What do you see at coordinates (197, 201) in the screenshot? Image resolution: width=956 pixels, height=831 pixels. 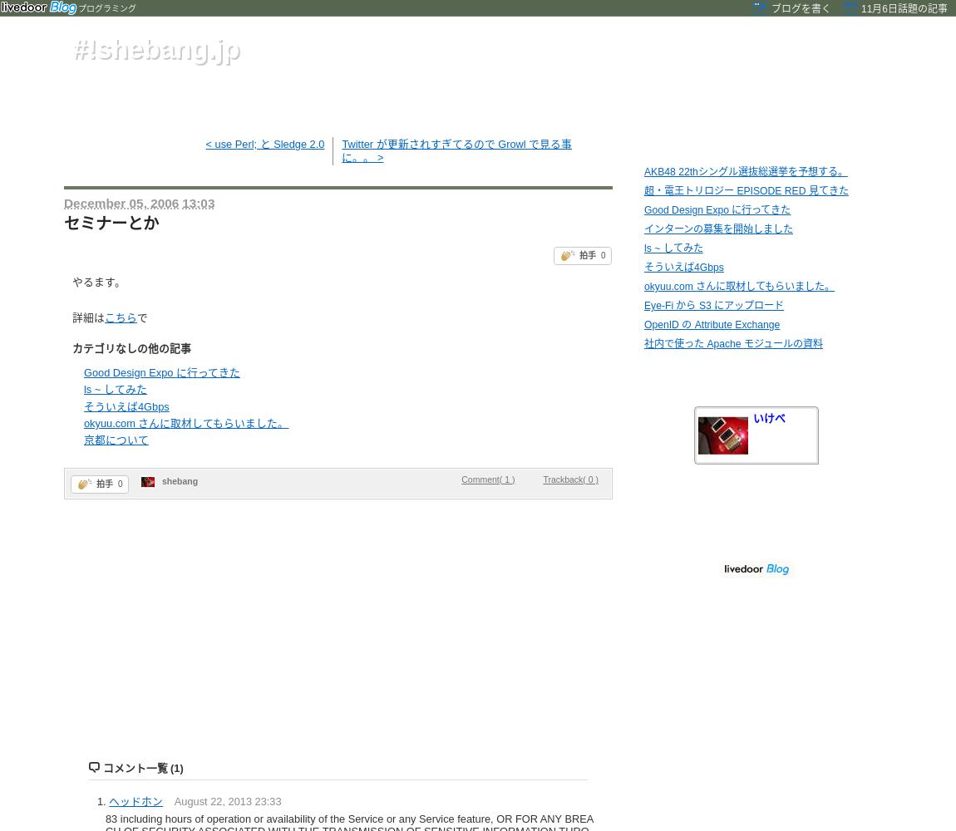 I see `'13:03'` at bounding box center [197, 201].